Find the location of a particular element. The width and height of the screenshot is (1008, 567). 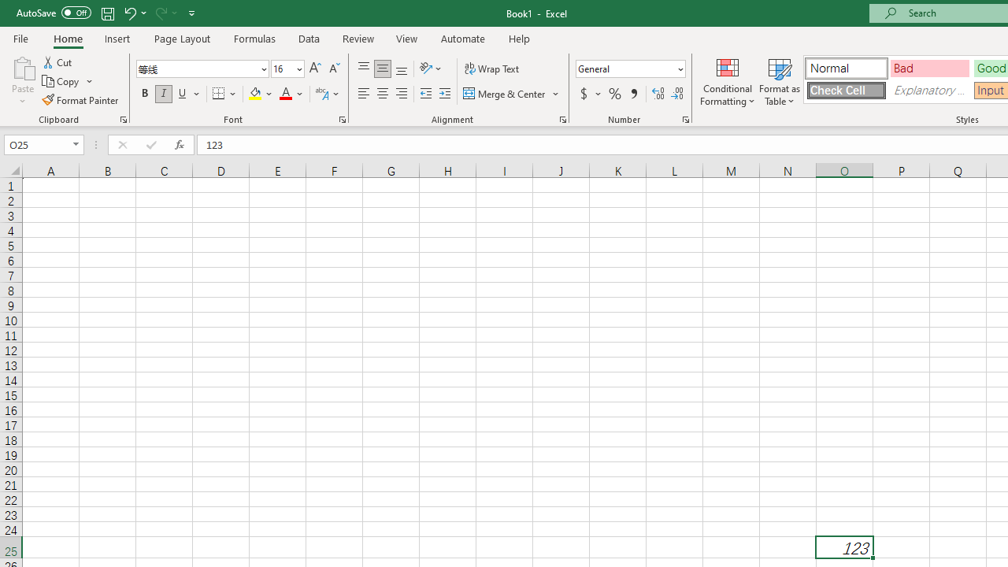

'Accounting Number Format' is located at coordinates (589, 94).